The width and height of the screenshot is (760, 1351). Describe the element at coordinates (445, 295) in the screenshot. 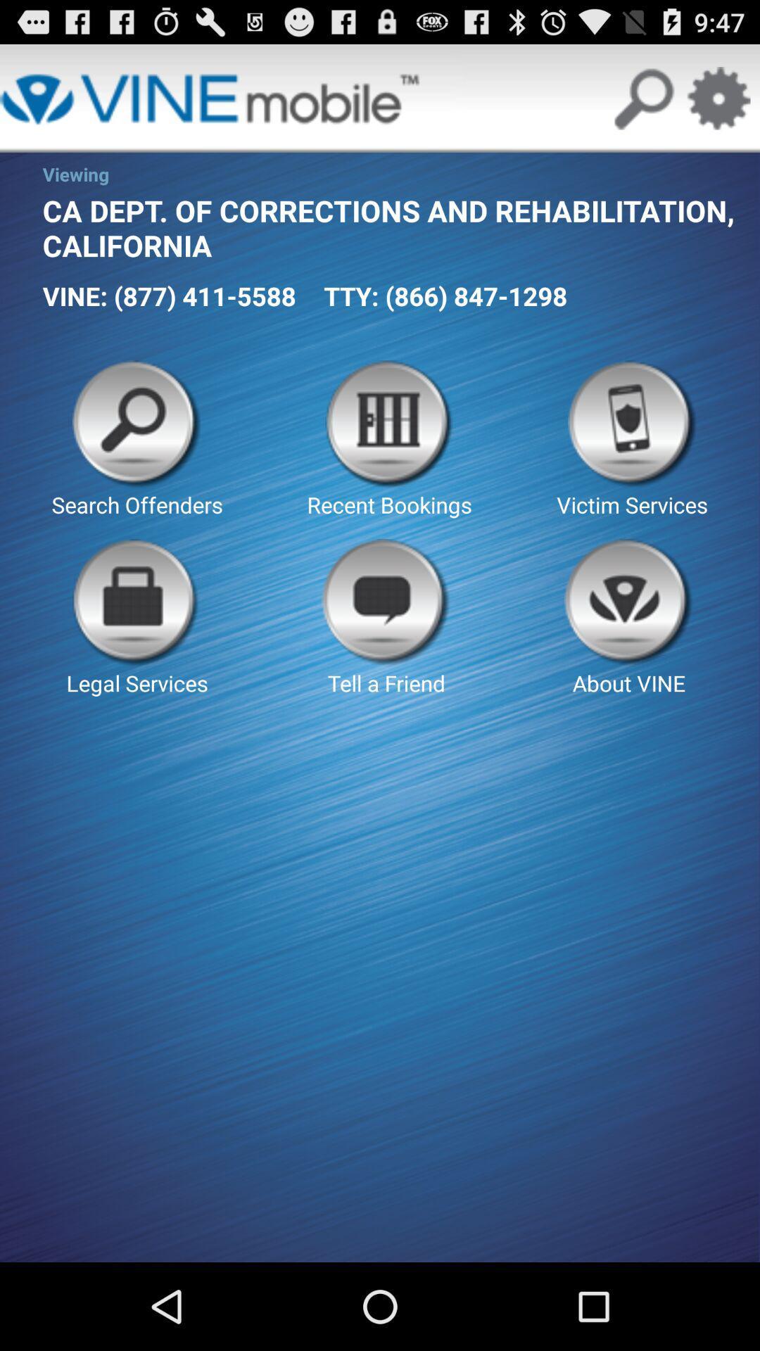

I see `app next to vine 877 411 app` at that location.